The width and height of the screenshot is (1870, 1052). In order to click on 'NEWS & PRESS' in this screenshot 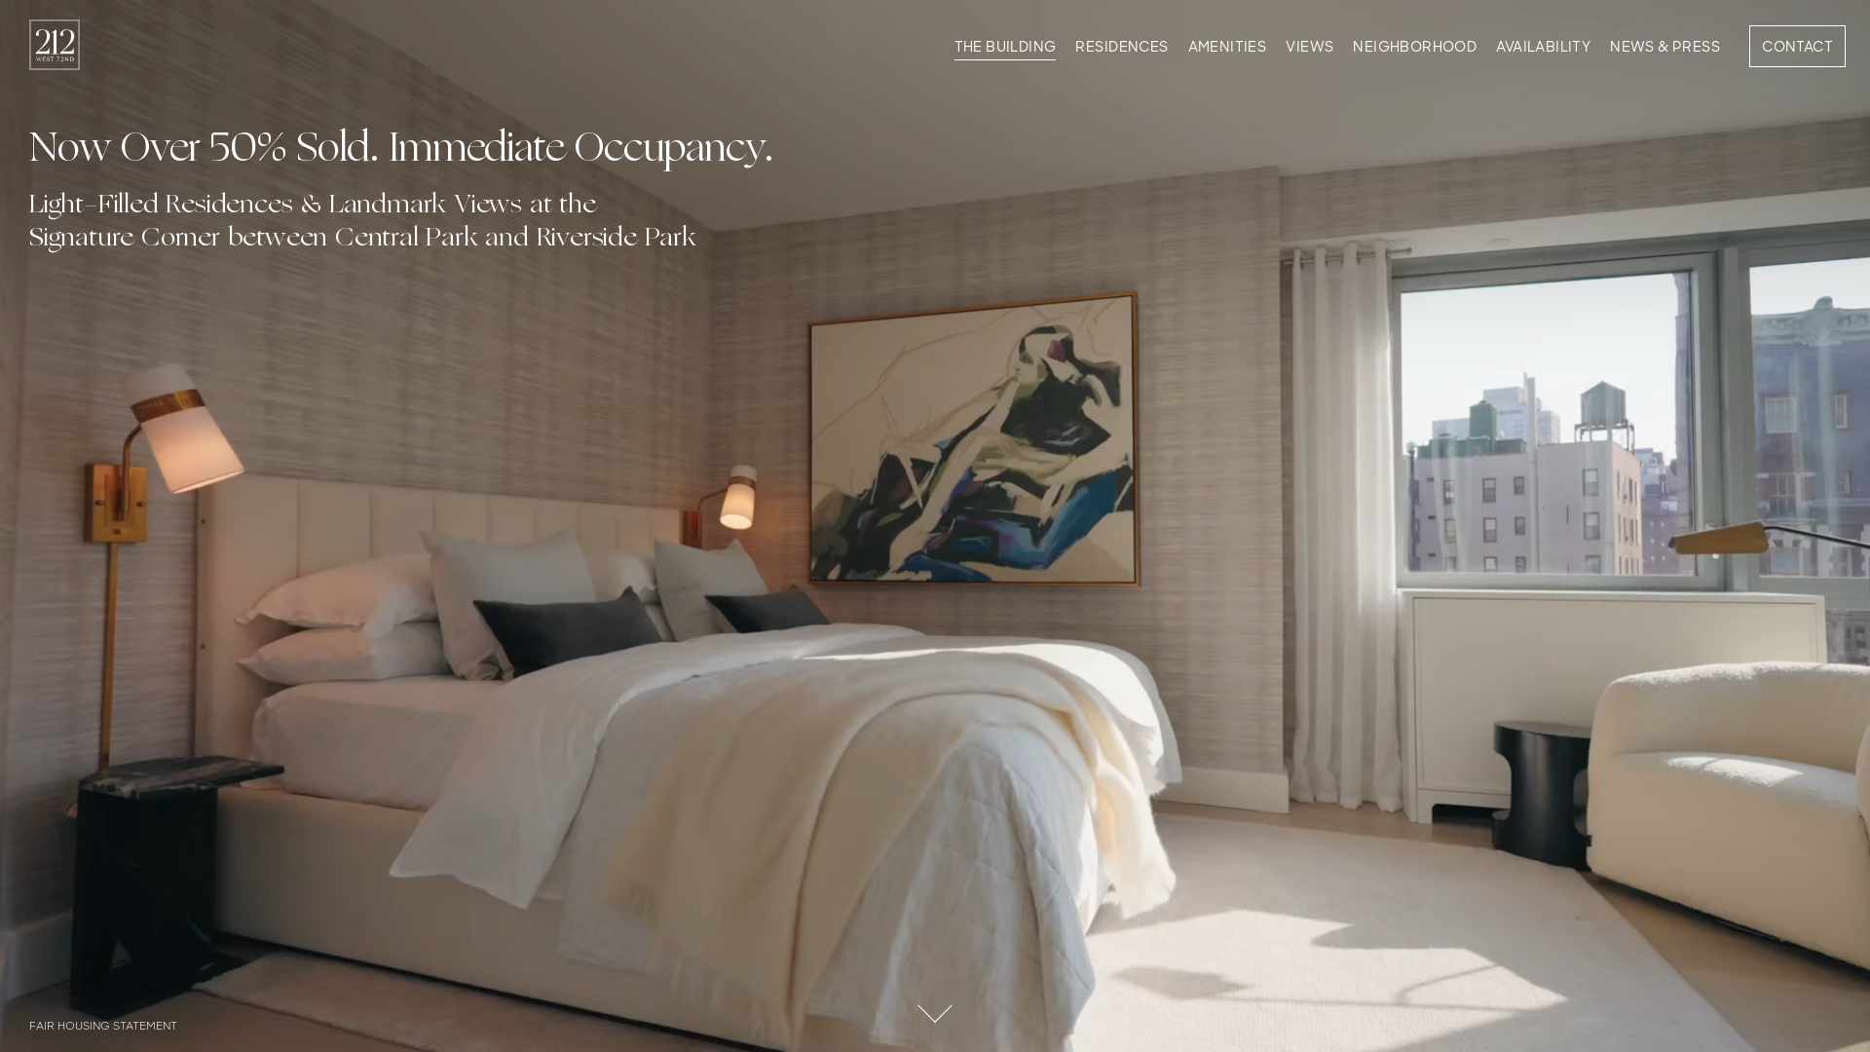, I will do `click(1664, 50)`.